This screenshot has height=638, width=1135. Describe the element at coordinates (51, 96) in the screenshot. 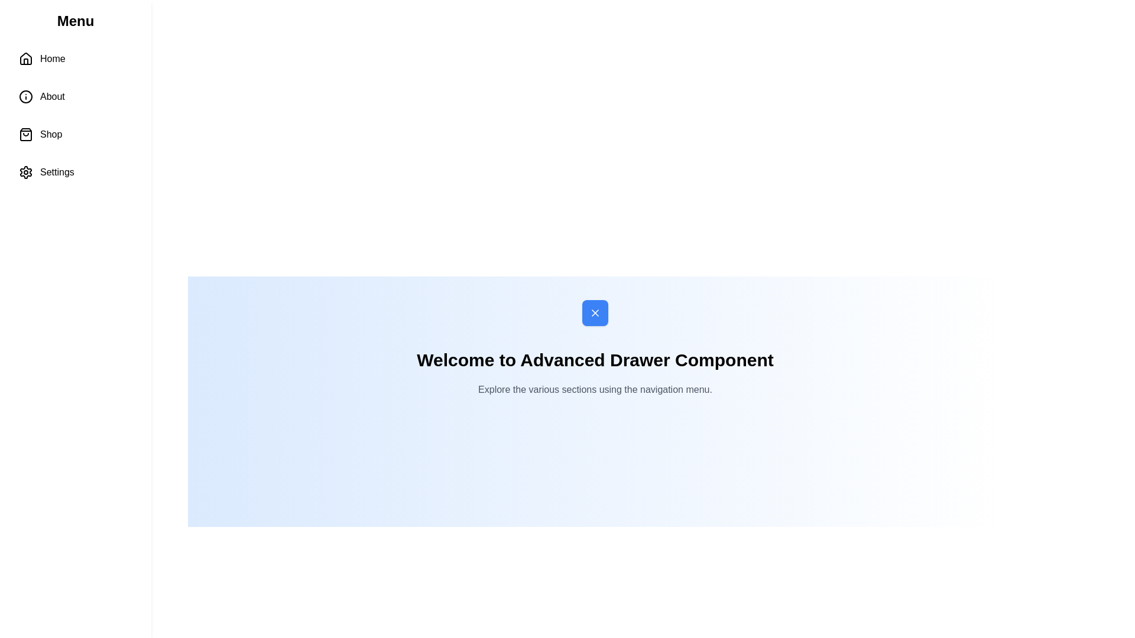

I see `the 'About' menu item text label` at that location.